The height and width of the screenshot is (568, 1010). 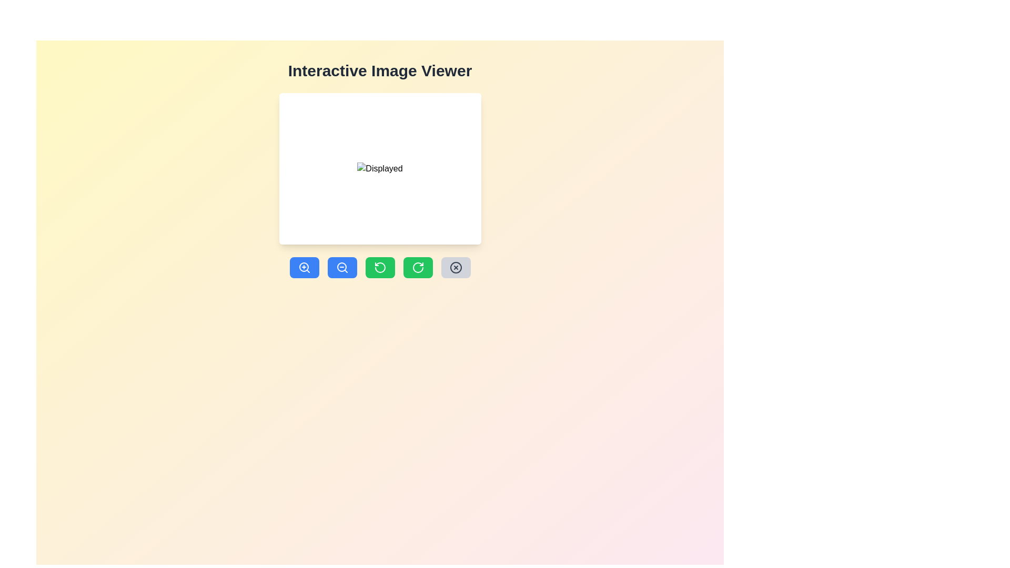 What do you see at coordinates (456, 267) in the screenshot?
I see `the circular outline SVG element, which serves as a visual indicator to close or cancel an operation, located in the rightmost position of the control icons at the bottom of the image preview area` at bounding box center [456, 267].